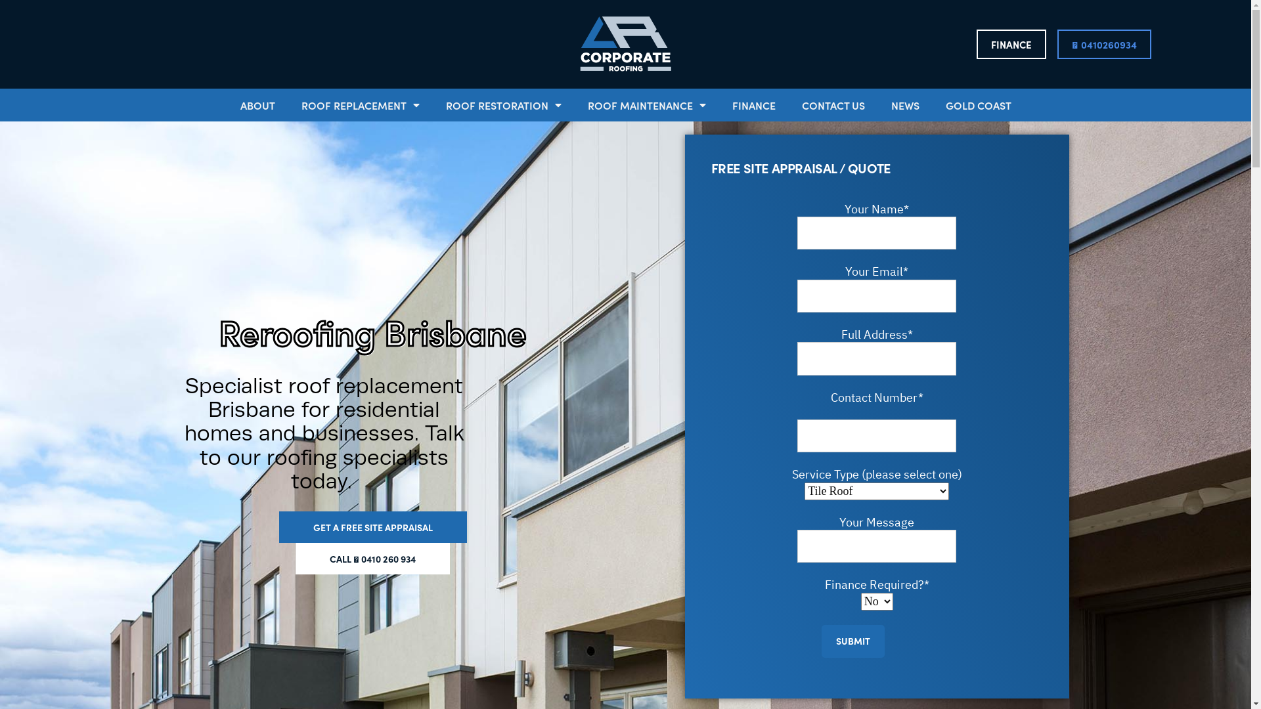 This screenshot has width=1261, height=709. What do you see at coordinates (932, 104) in the screenshot?
I see `'GOLD COAST'` at bounding box center [932, 104].